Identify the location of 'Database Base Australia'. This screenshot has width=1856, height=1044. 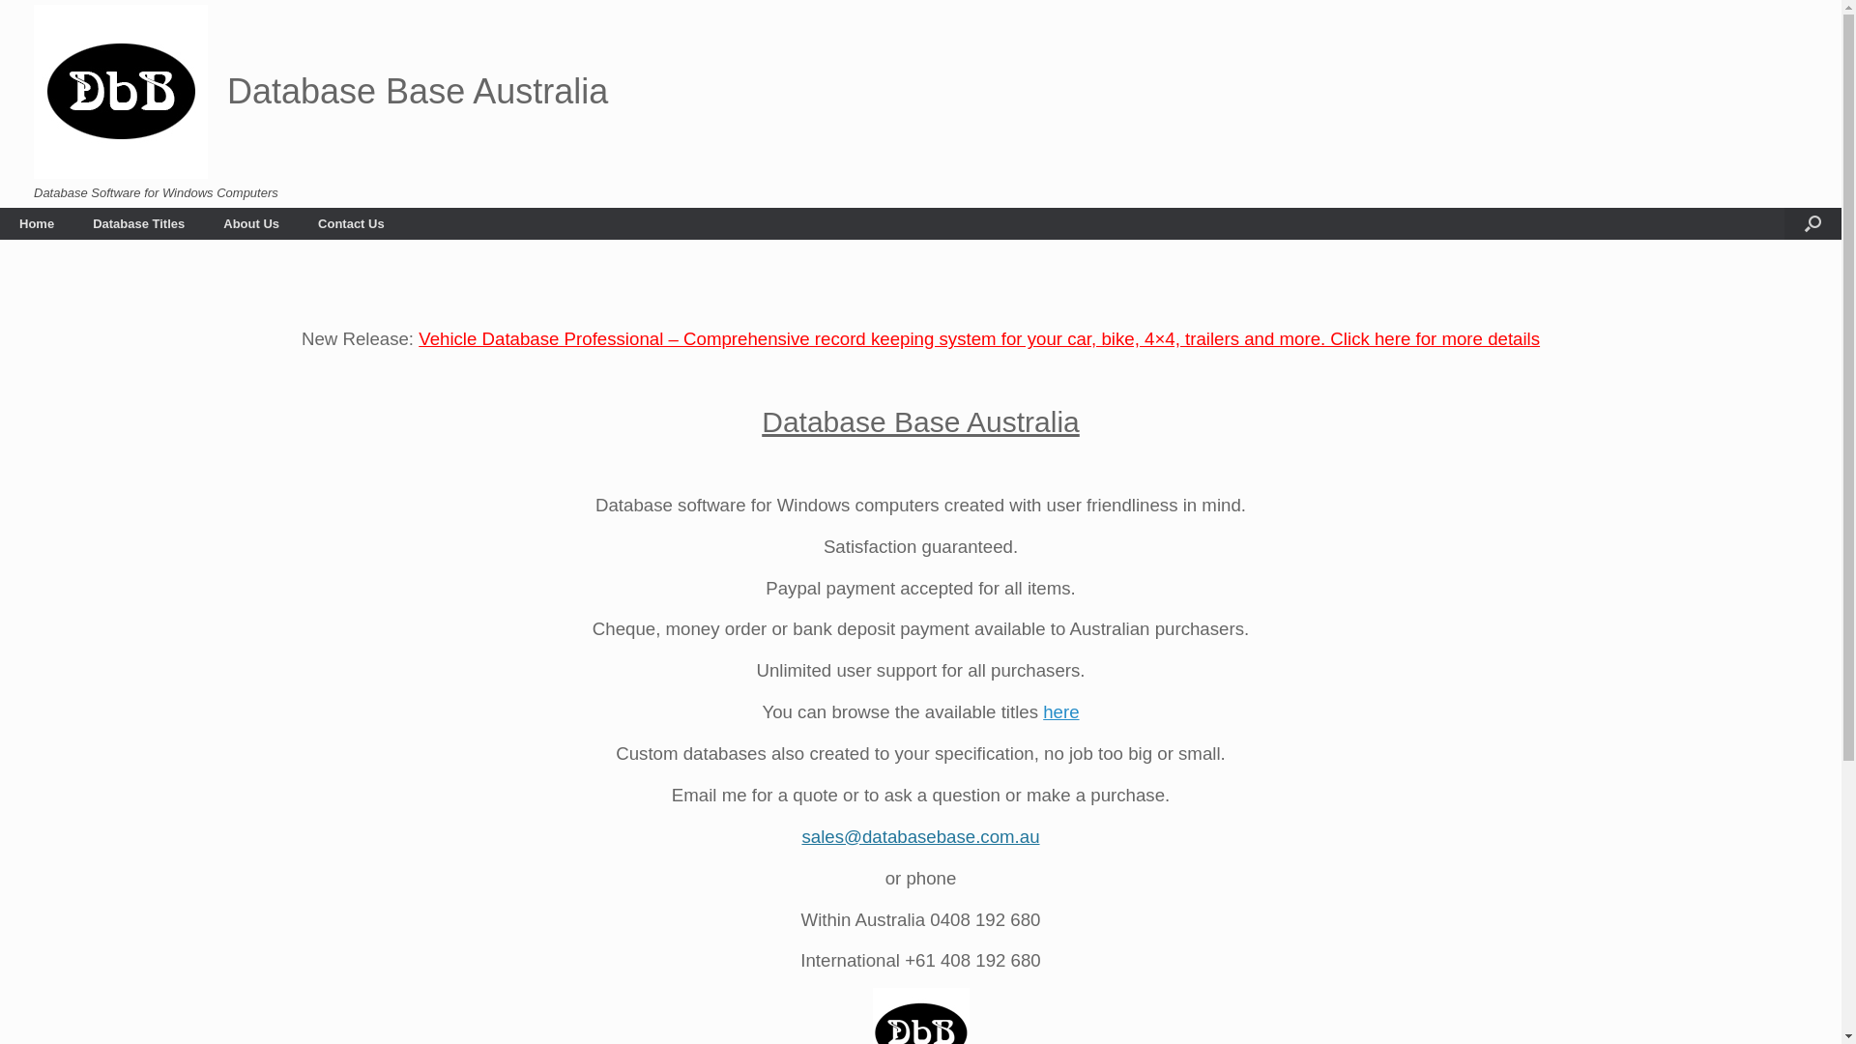
(320, 92).